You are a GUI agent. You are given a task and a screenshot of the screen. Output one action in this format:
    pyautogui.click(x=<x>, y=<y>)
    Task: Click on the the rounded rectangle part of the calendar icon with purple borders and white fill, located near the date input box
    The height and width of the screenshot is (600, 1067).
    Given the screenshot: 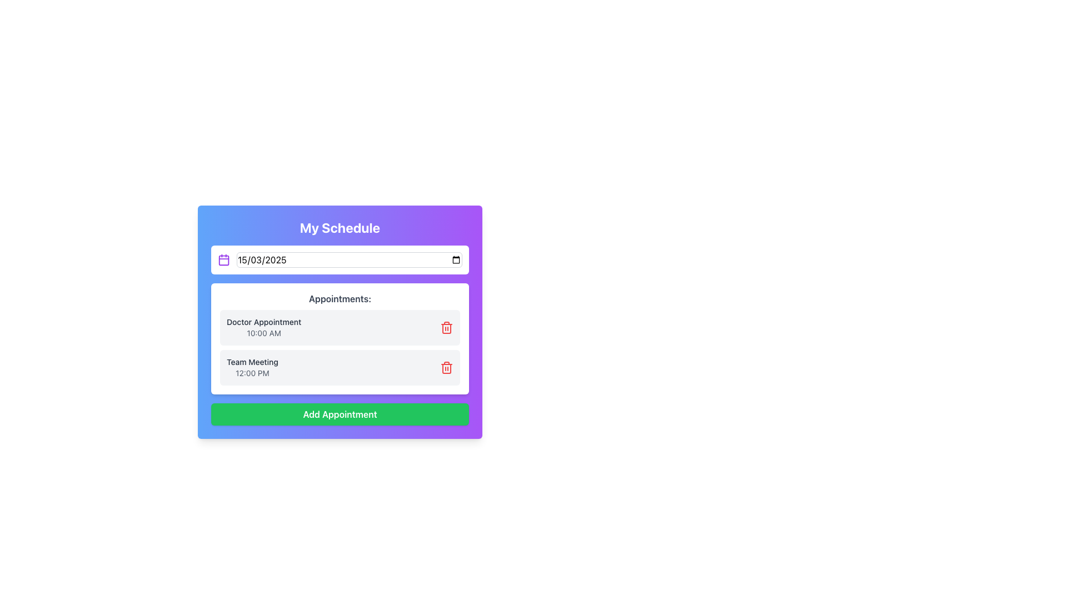 What is the action you would take?
    pyautogui.click(x=223, y=260)
    